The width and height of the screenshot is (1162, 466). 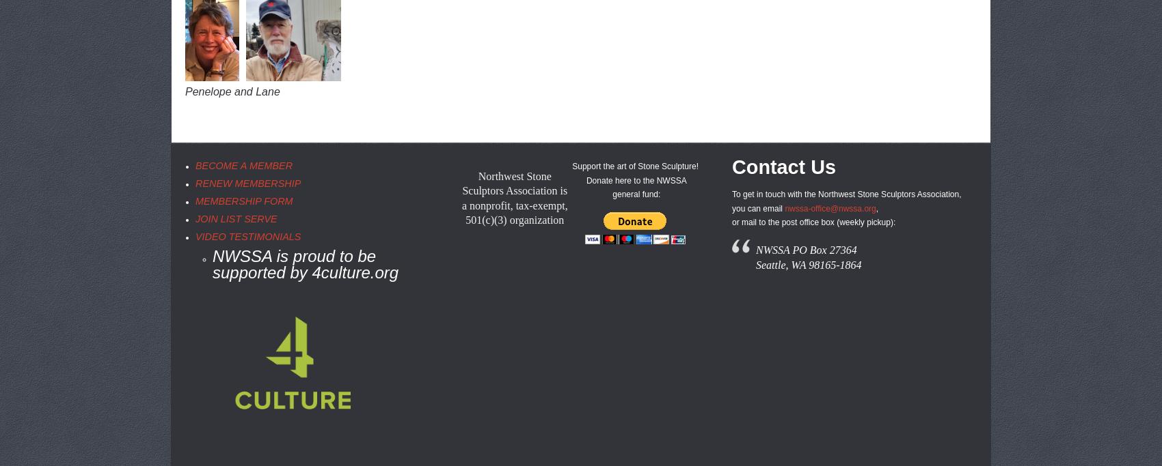 What do you see at coordinates (783, 166) in the screenshot?
I see `'Contact Us'` at bounding box center [783, 166].